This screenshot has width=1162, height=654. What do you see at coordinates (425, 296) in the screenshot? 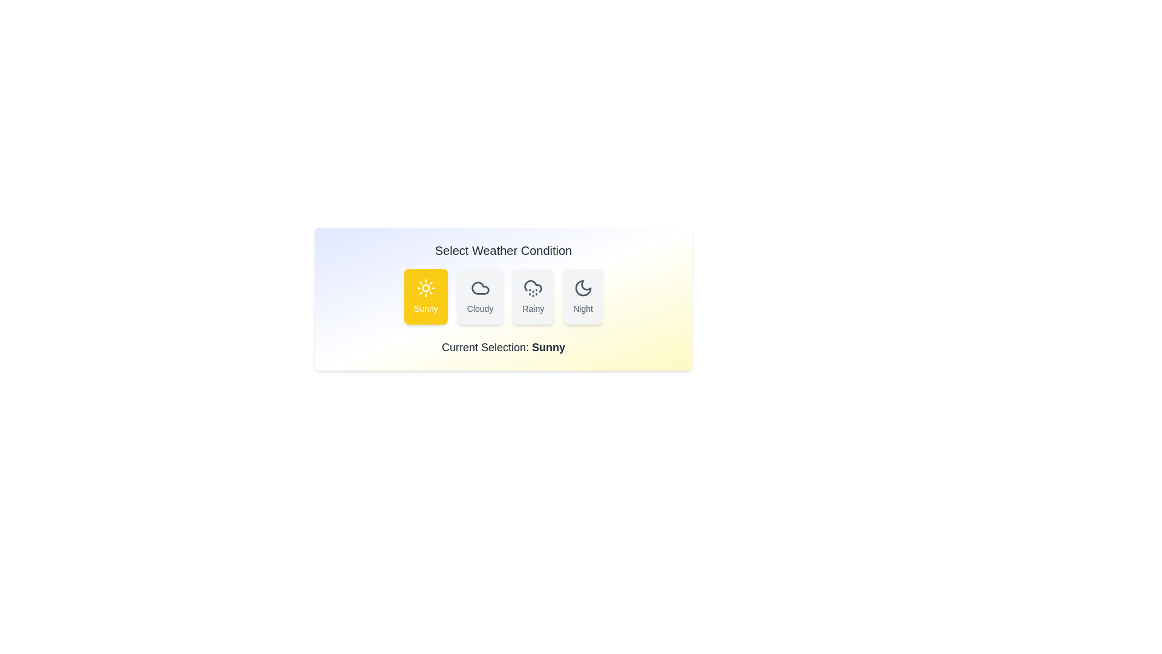
I see `the weather button Sunny to observe its hover effect` at bounding box center [425, 296].